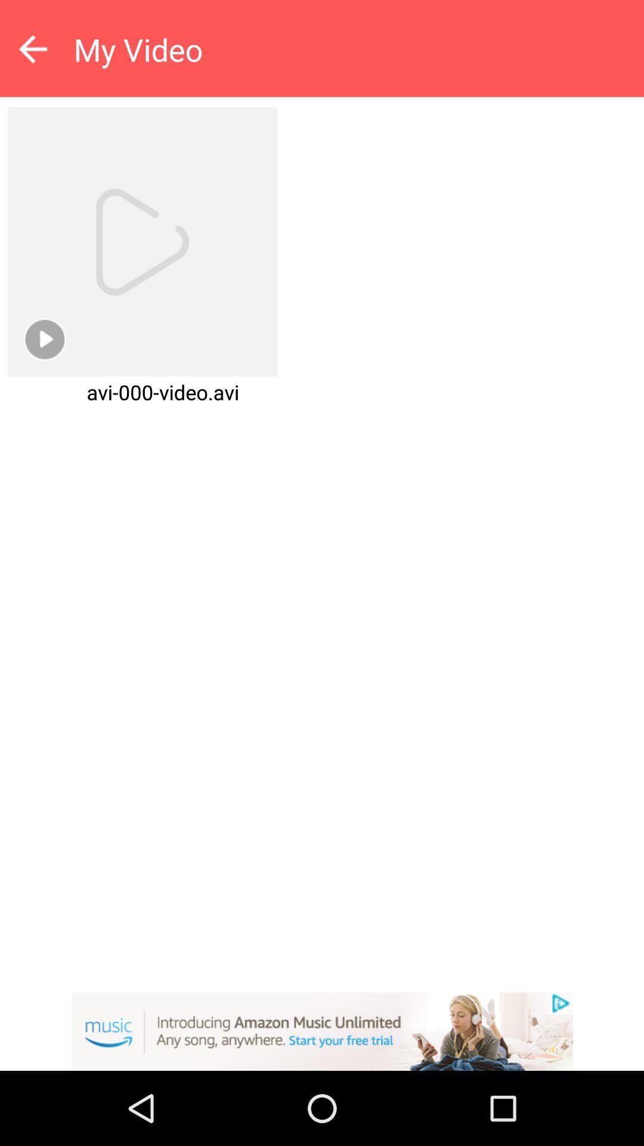 This screenshot has height=1146, width=644. What do you see at coordinates (322, 1031) in the screenshot?
I see `nurshing` at bounding box center [322, 1031].